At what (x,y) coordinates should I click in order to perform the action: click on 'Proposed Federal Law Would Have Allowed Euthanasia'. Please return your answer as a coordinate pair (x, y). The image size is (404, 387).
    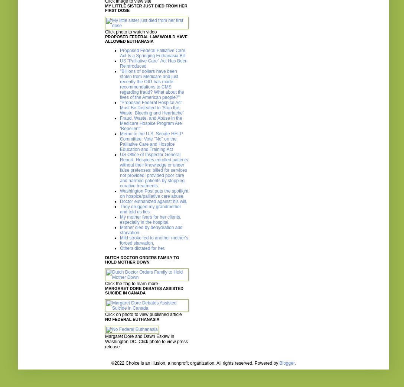
    Looking at the image, I should click on (146, 39).